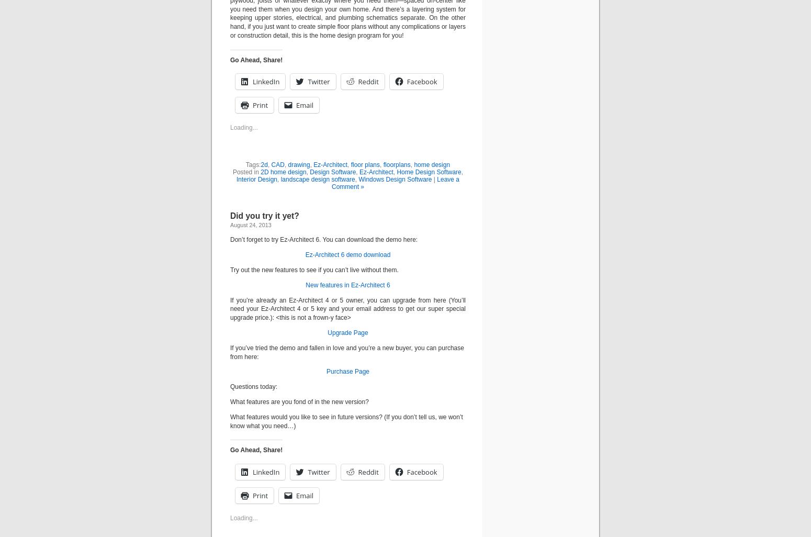 The width and height of the screenshot is (811, 537). Describe the element at coordinates (264, 216) in the screenshot. I see `'Did you try it yet?'` at that location.